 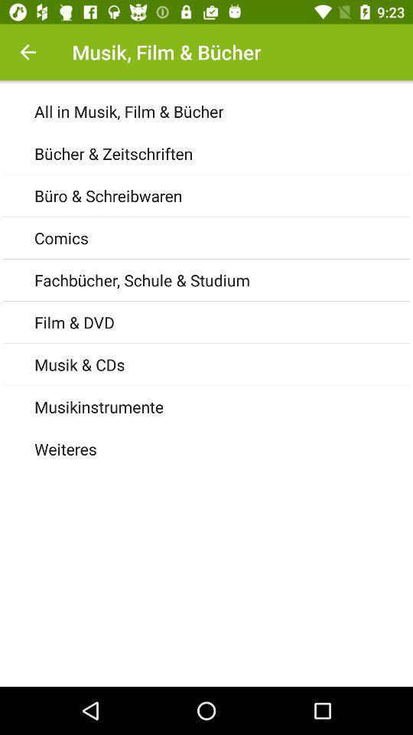 What do you see at coordinates (223, 279) in the screenshot?
I see `the icon above the film & dvd item` at bounding box center [223, 279].